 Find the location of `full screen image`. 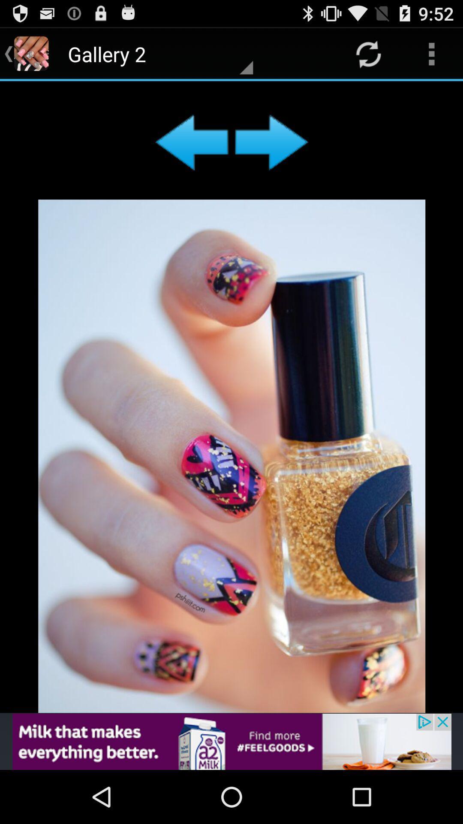

full screen image is located at coordinates (231, 397).